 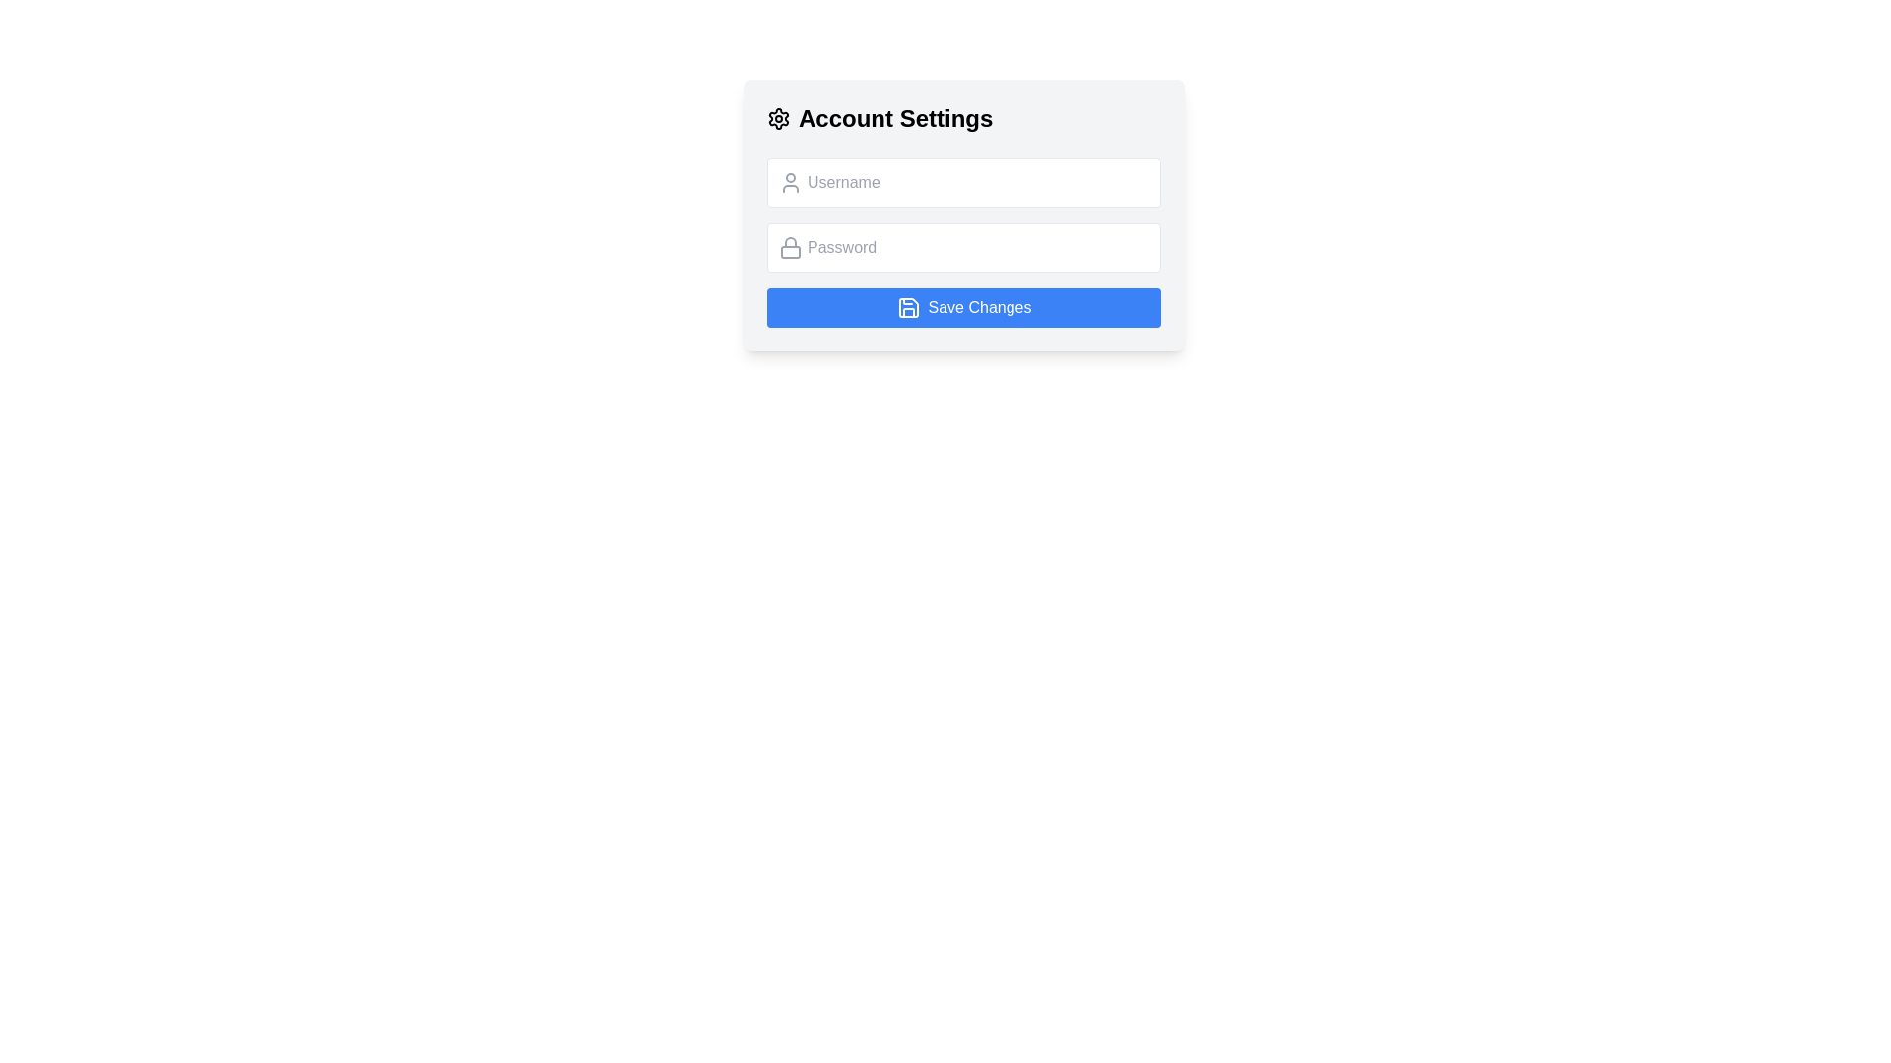 What do you see at coordinates (907, 307) in the screenshot?
I see `the small save icon positioned to the left of the 'Save Changes' button, which has a minimalistic design and a stroke color matching its surrounding text` at bounding box center [907, 307].